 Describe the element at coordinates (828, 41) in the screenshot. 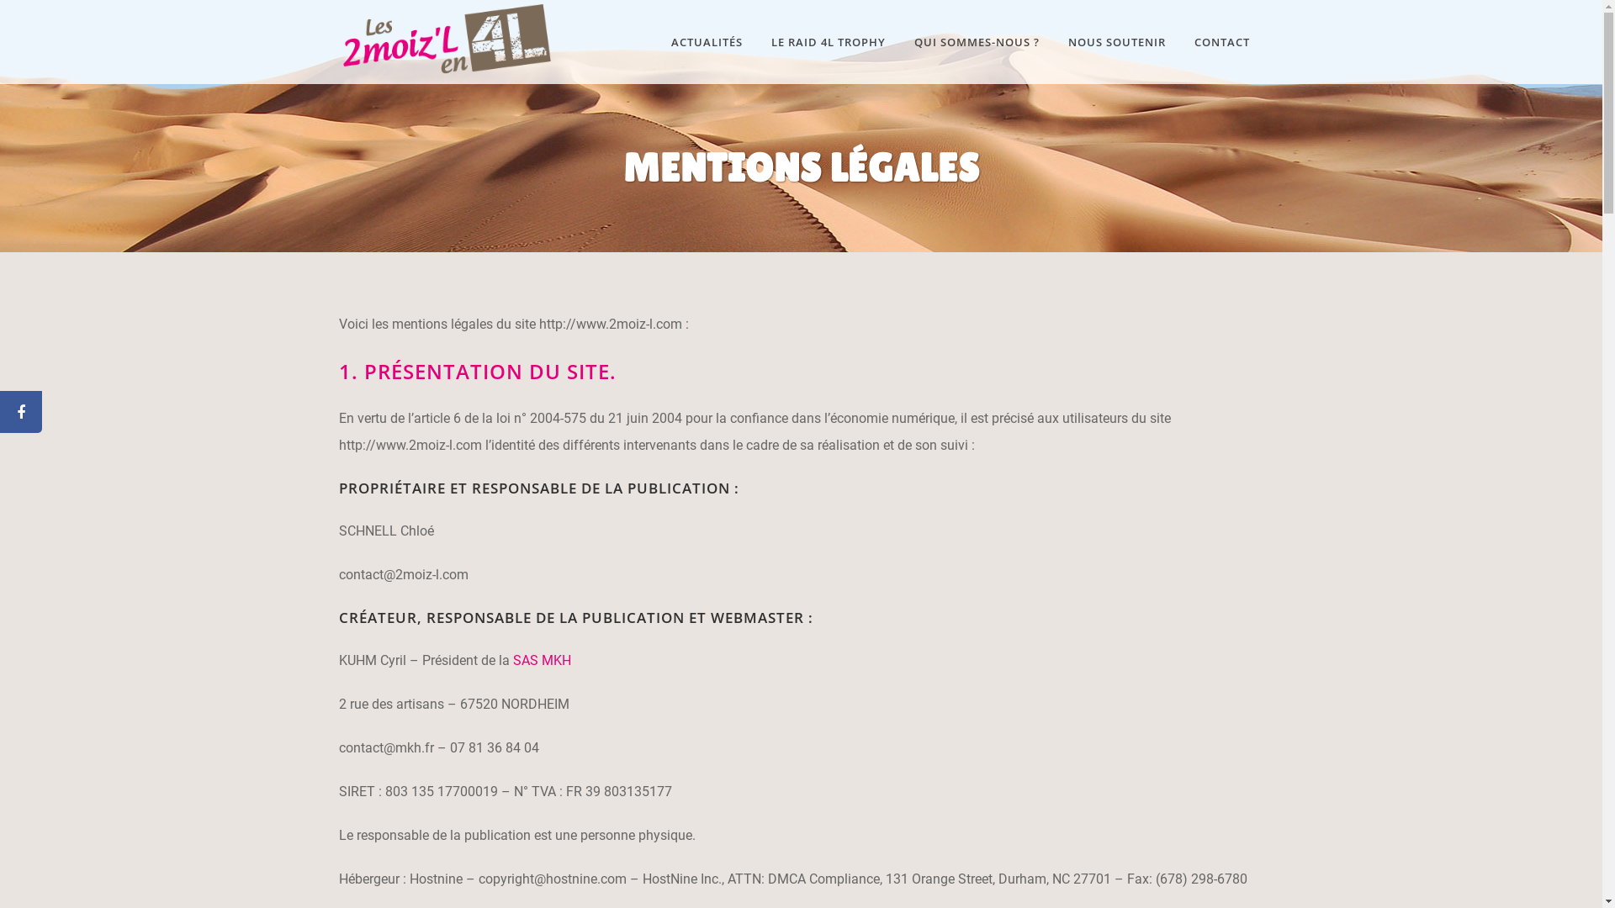

I see `'LE RAID 4L TROPHY'` at that location.